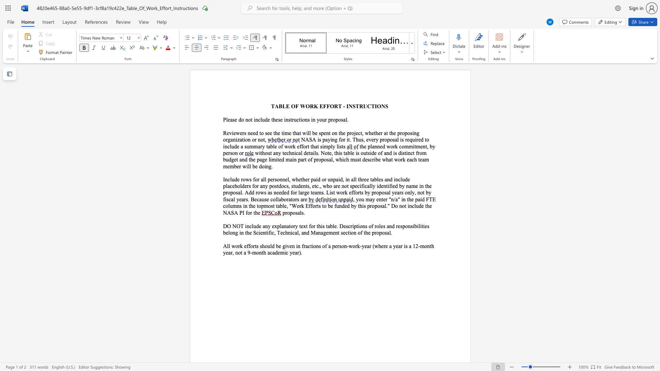 This screenshot has width=660, height=371. What do you see at coordinates (230, 232) in the screenshot?
I see `the subset text "ong in the Scientific, Technic" within the text "DO NOT include any explanatory text for this table. Descriptions of roles and responsibilities belong in the Scientific, Technical, and Management section of the proposal."` at bounding box center [230, 232].